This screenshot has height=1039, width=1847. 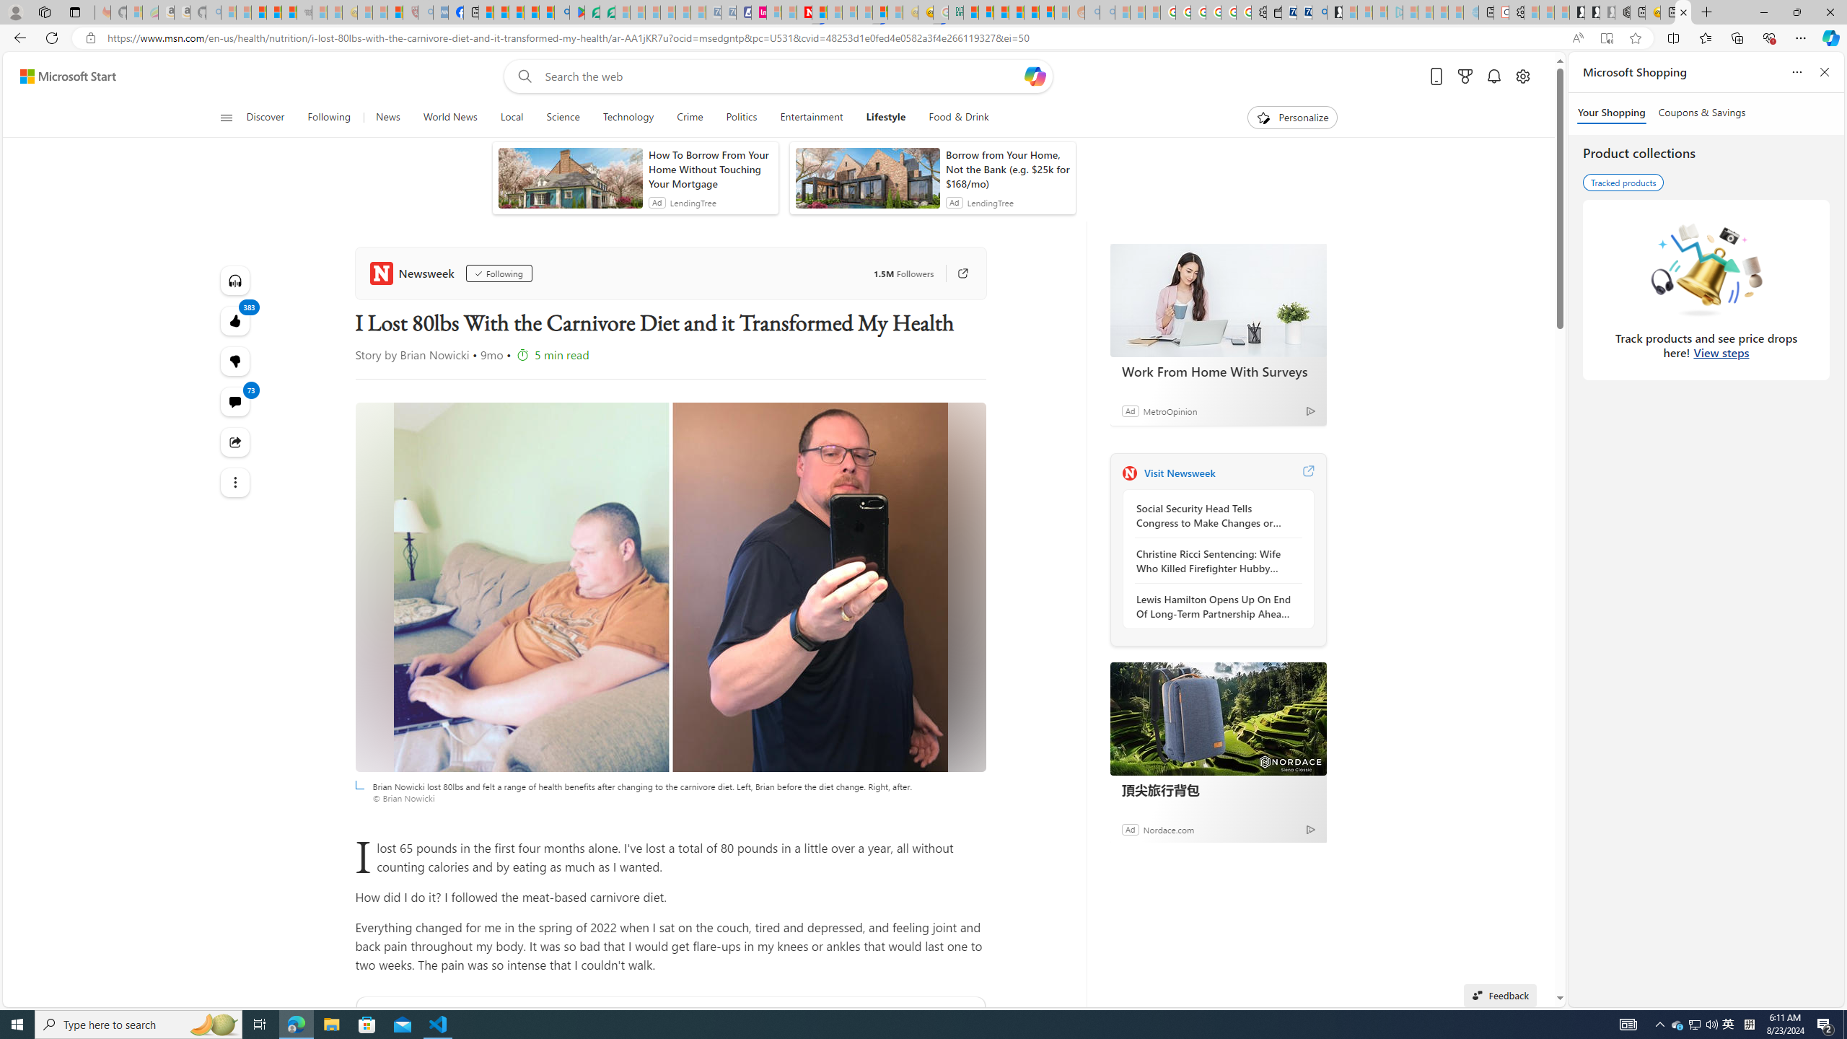 I want to click on 'Expert Portfolios', so click(x=1017, y=12).